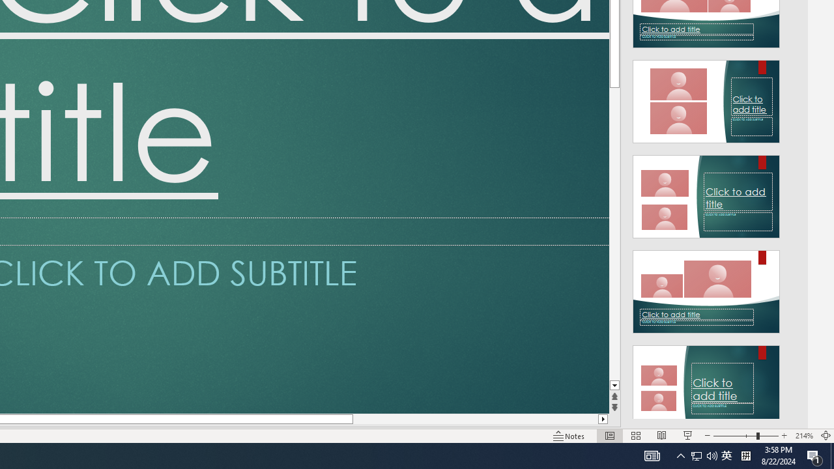  What do you see at coordinates (636, 436) in the screenshot?
I see `'Slide Sorter'` at bounding box center [636, 436].